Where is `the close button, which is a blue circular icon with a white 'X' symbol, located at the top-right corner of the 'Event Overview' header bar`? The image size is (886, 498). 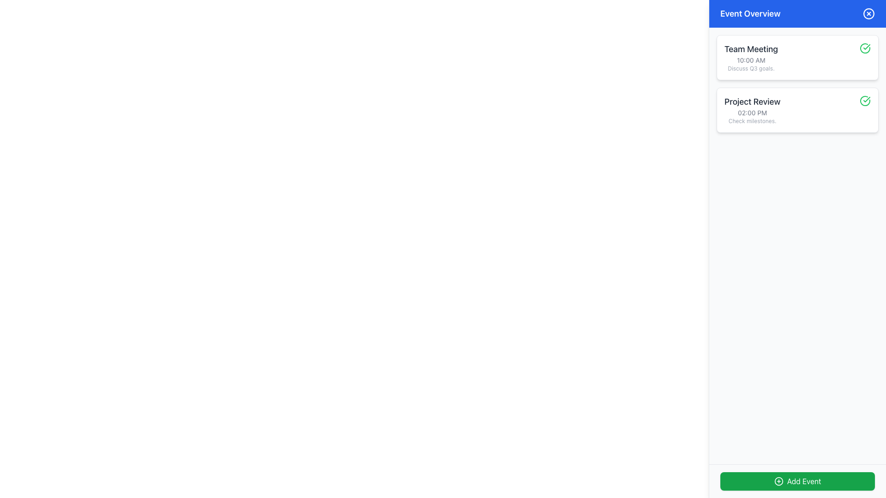
the close button, which is a blue circular icon with a white 'X' symbol, located at the top-right corner of the 'Event Overview' header bar is located at coordinates (868, 14).